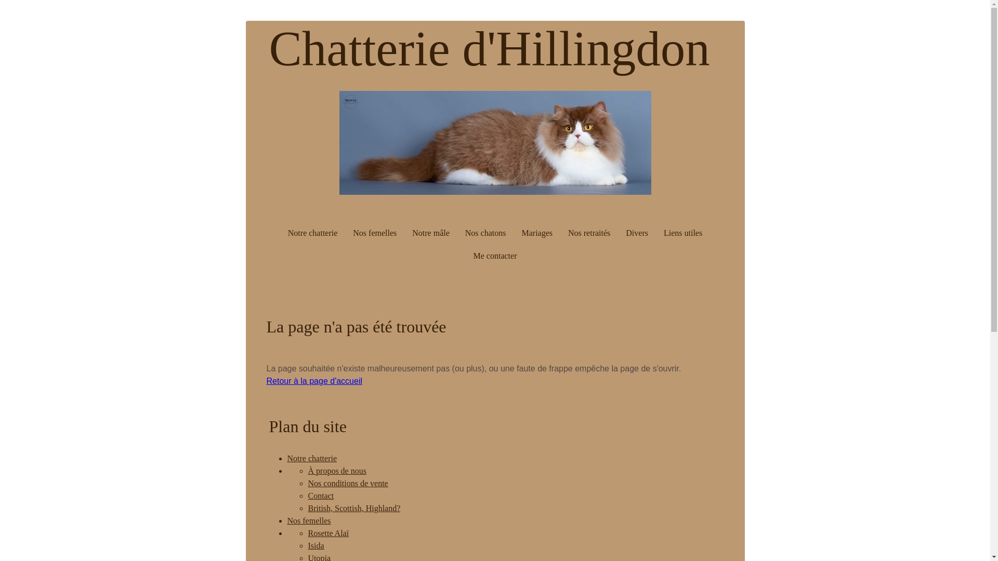  Describe the element at coordinates (269, 62) in the screenshot. I see `'Chatterie d'Hillingdon'` at that location.